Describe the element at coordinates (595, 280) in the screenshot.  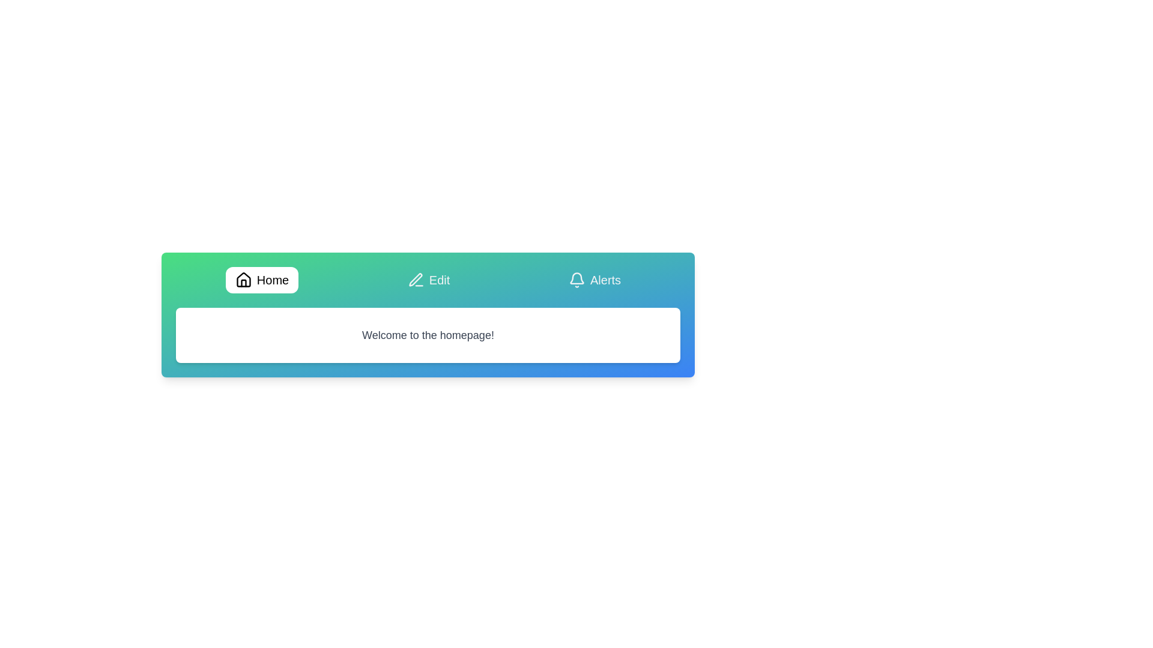
I see `the tab labeled Alerts` at that location.